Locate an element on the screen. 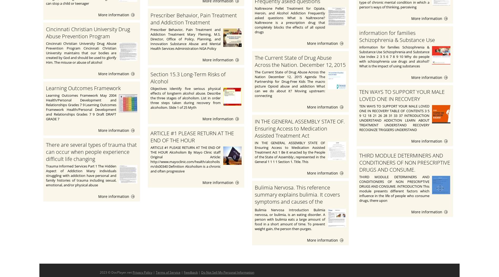 This screenshot has height=277, width=499. 'Bulimia Nervosa Introduction Bulimia nervosa, or bulimia, is an eating disorder. A person with bulimia eats a large amount of food in a short amount of time. To prevent weight gain, the person then purges.' is located at coordinates (290, 219).